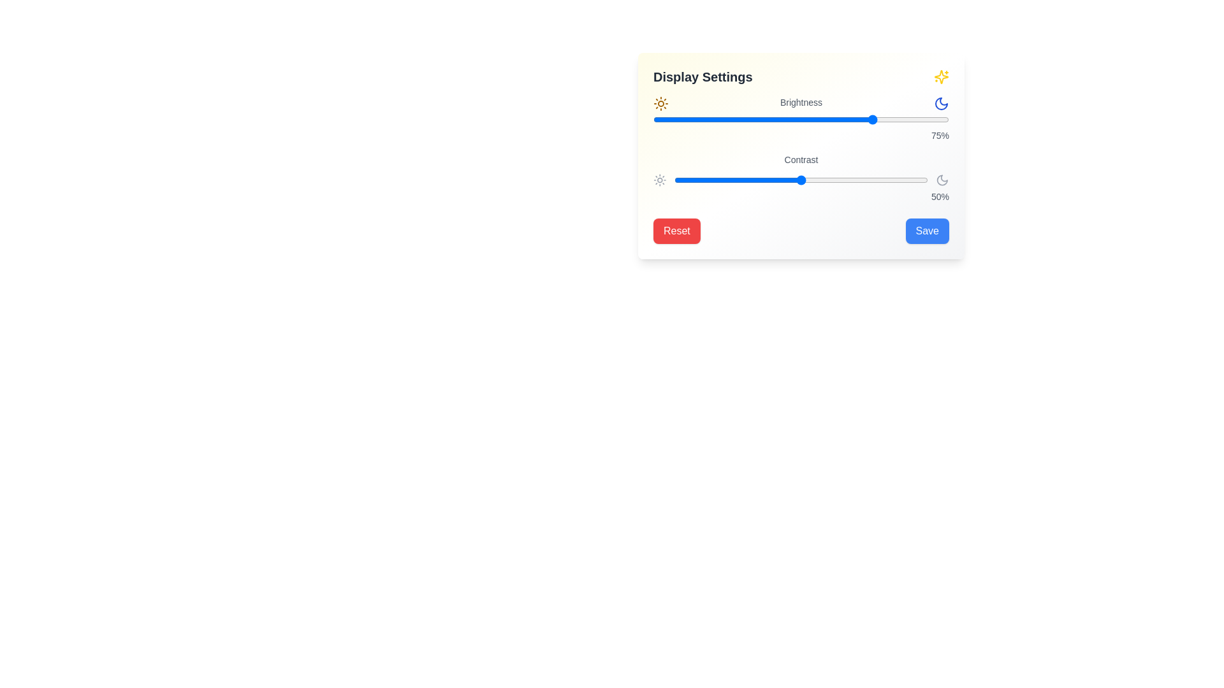 This screenshot has width=1224, height=688. What do you see at coordinates (884, 120) in the screenshot?
I see `brightness` at bounding box center [884, 120].